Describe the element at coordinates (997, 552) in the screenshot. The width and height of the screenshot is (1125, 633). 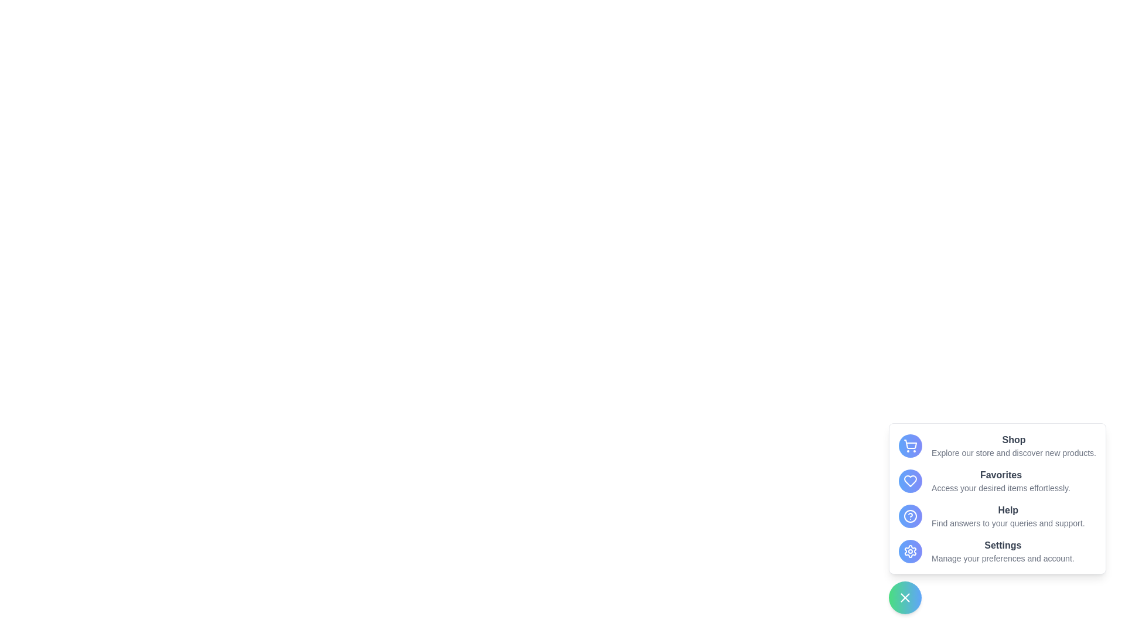
I see `the menu item labeled 'Settings' to observe visual feedback` at that location.